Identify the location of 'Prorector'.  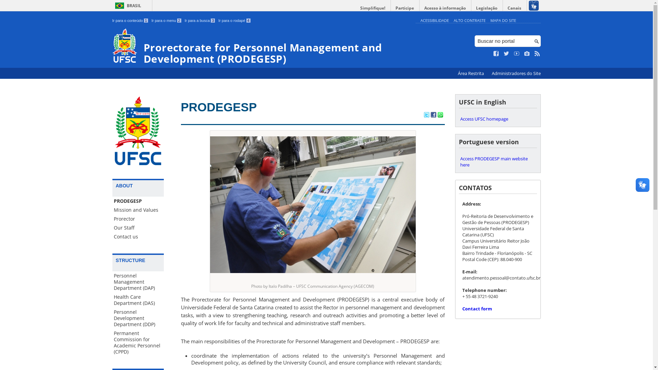
(138, 219).